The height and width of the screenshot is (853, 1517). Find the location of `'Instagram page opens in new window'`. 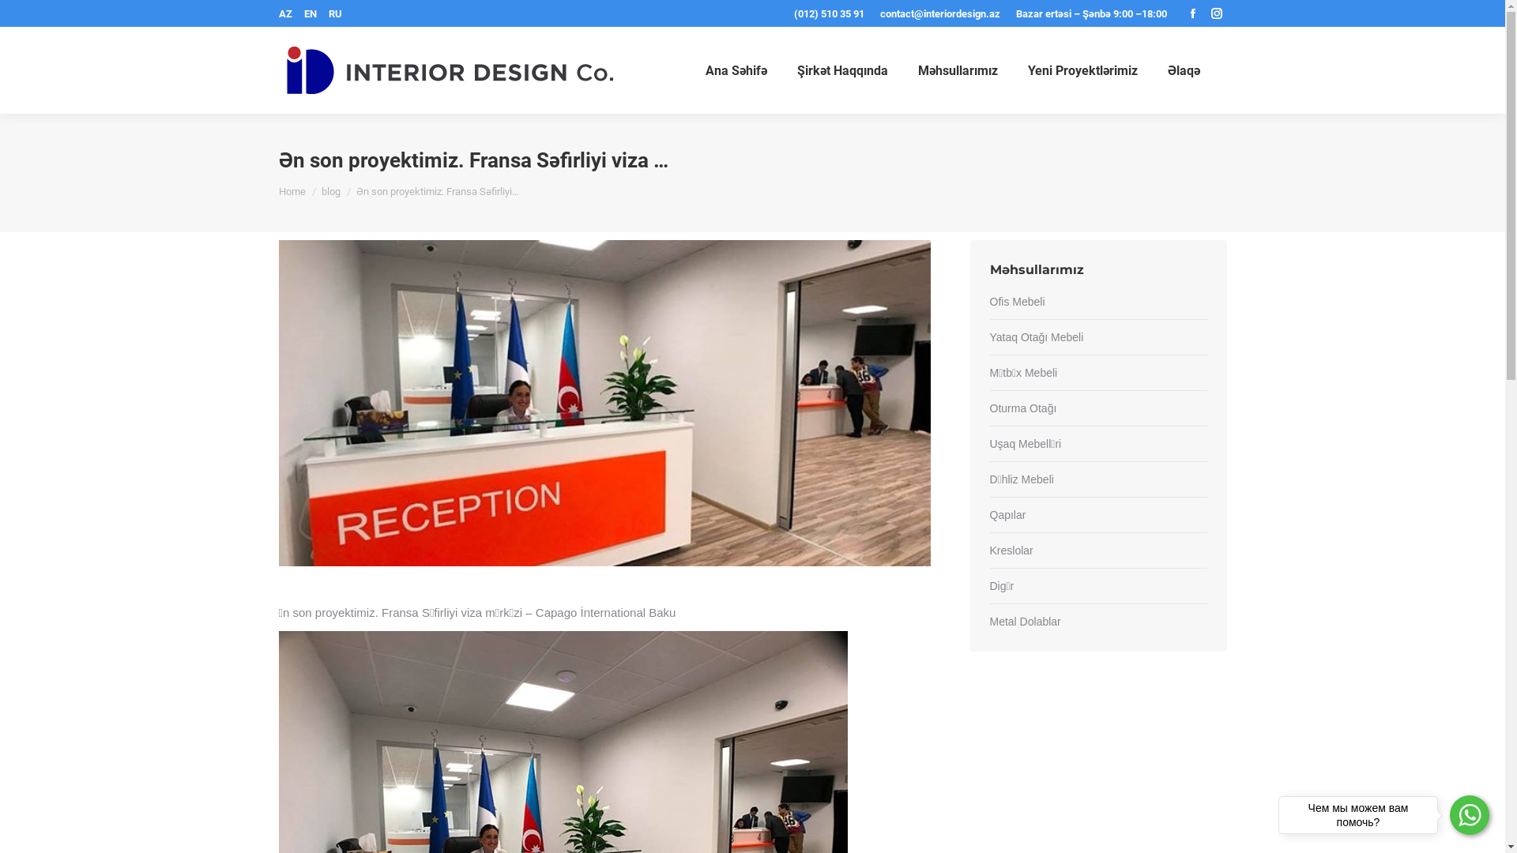

'Instagram page opens in new window' is located at coordinates (1215, 13).